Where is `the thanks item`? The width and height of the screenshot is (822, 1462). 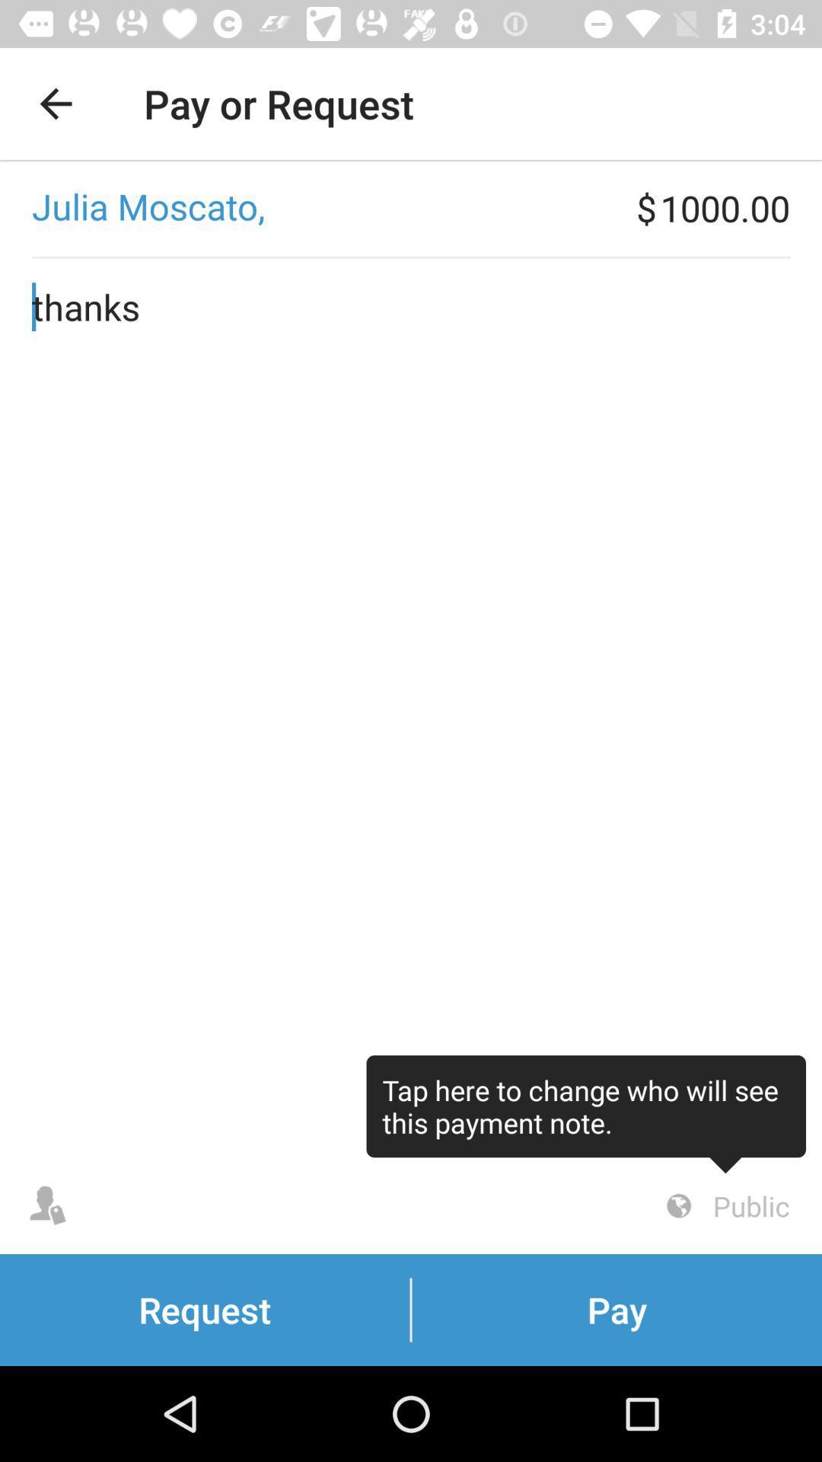
the thanks item is located at coordinates (411, 707).